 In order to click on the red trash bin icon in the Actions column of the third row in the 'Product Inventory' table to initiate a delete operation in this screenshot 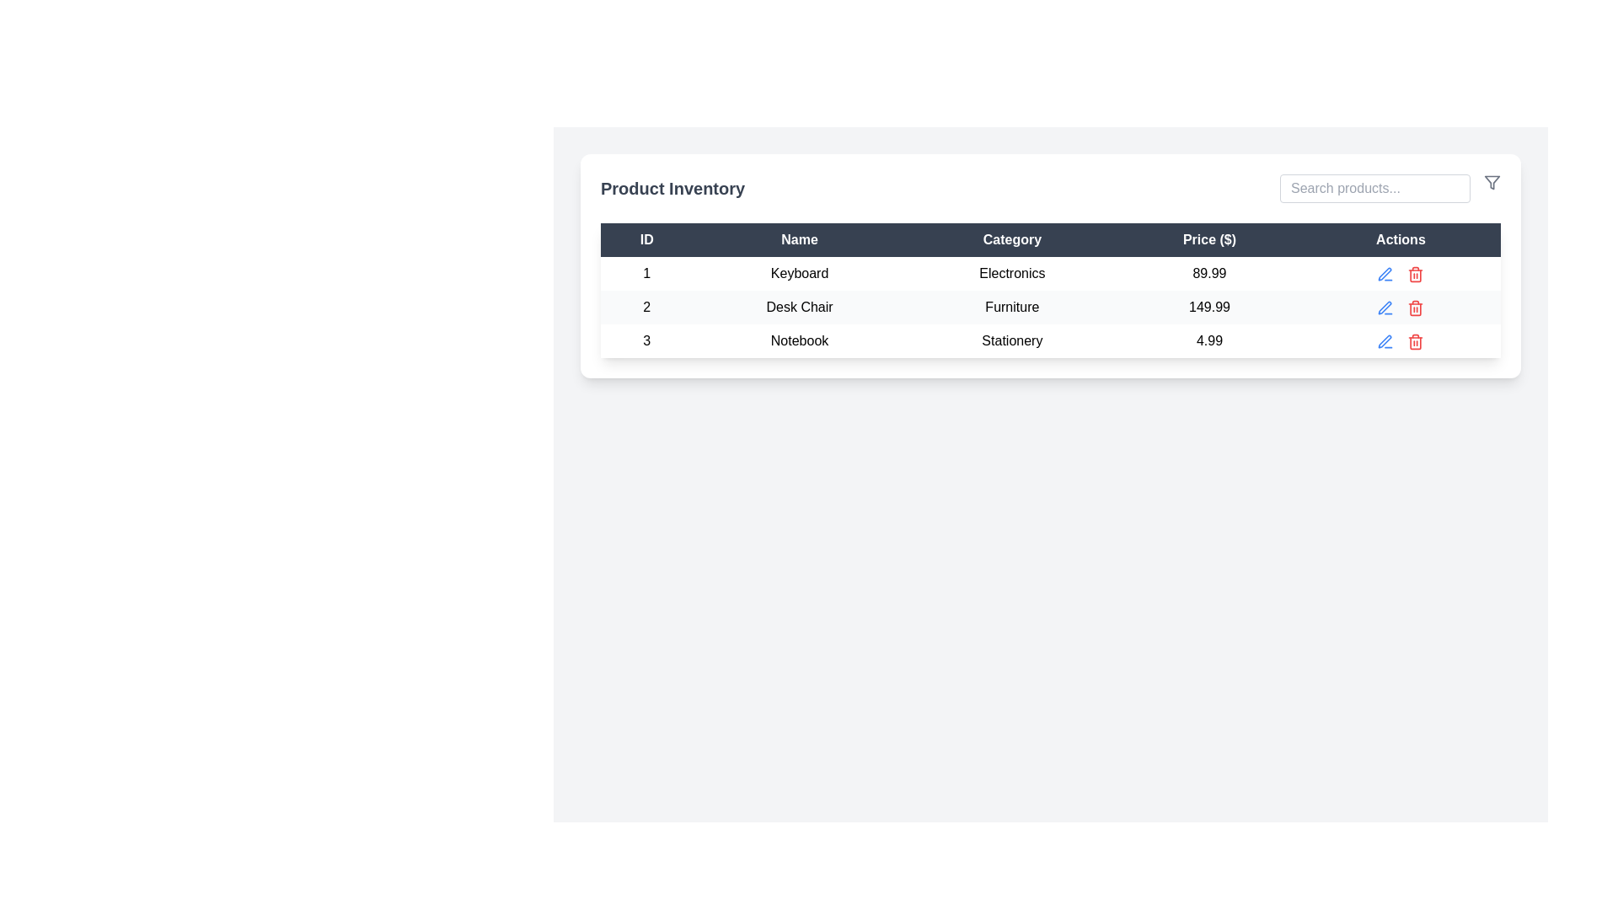, I will do `click(1416, 342)`.